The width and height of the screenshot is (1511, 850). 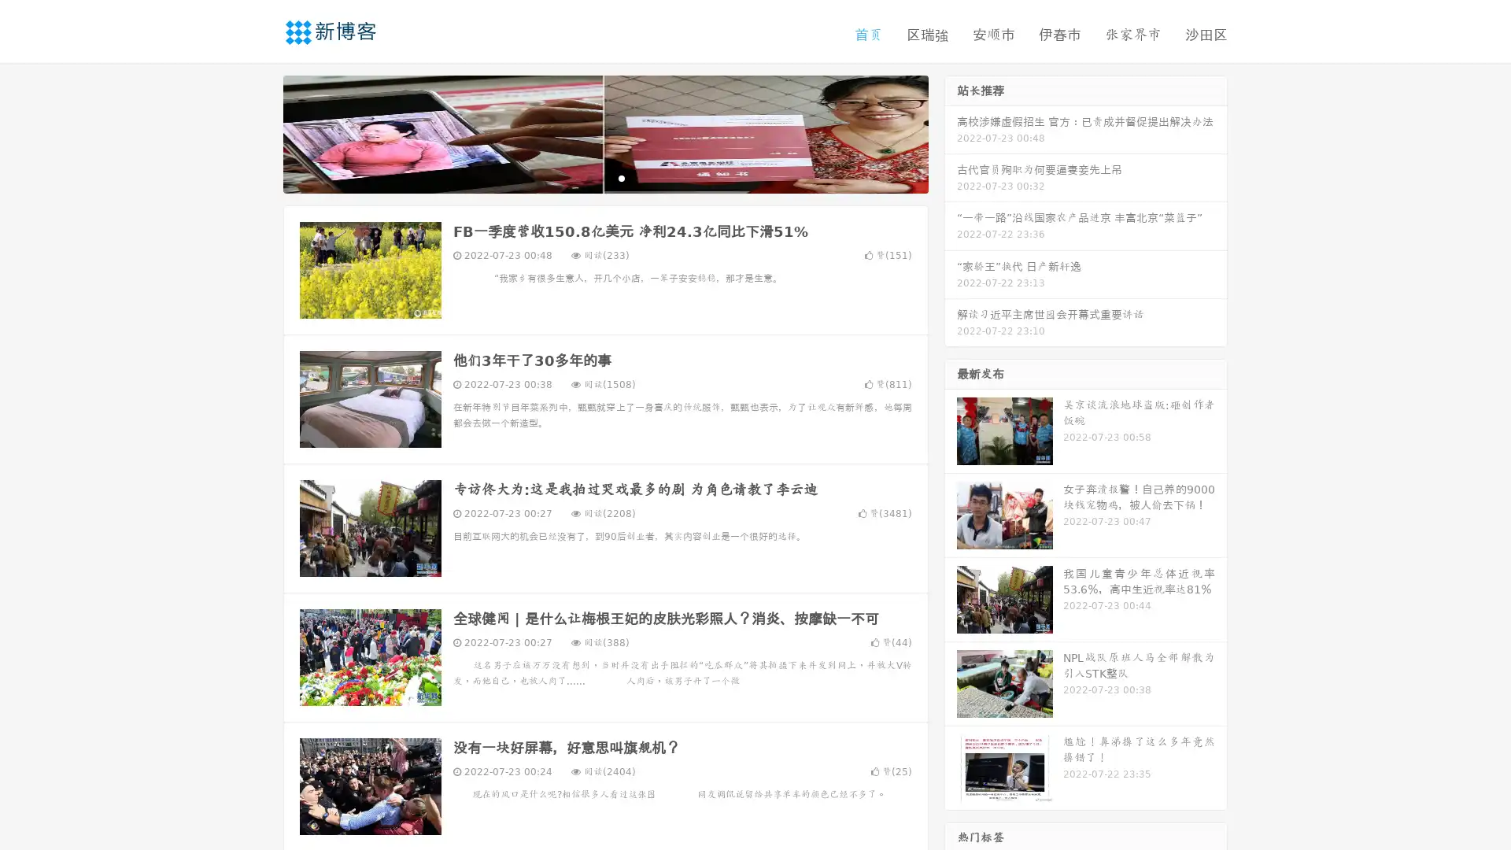 I want to click on Go to slide 1, so click(x=589, y=177).